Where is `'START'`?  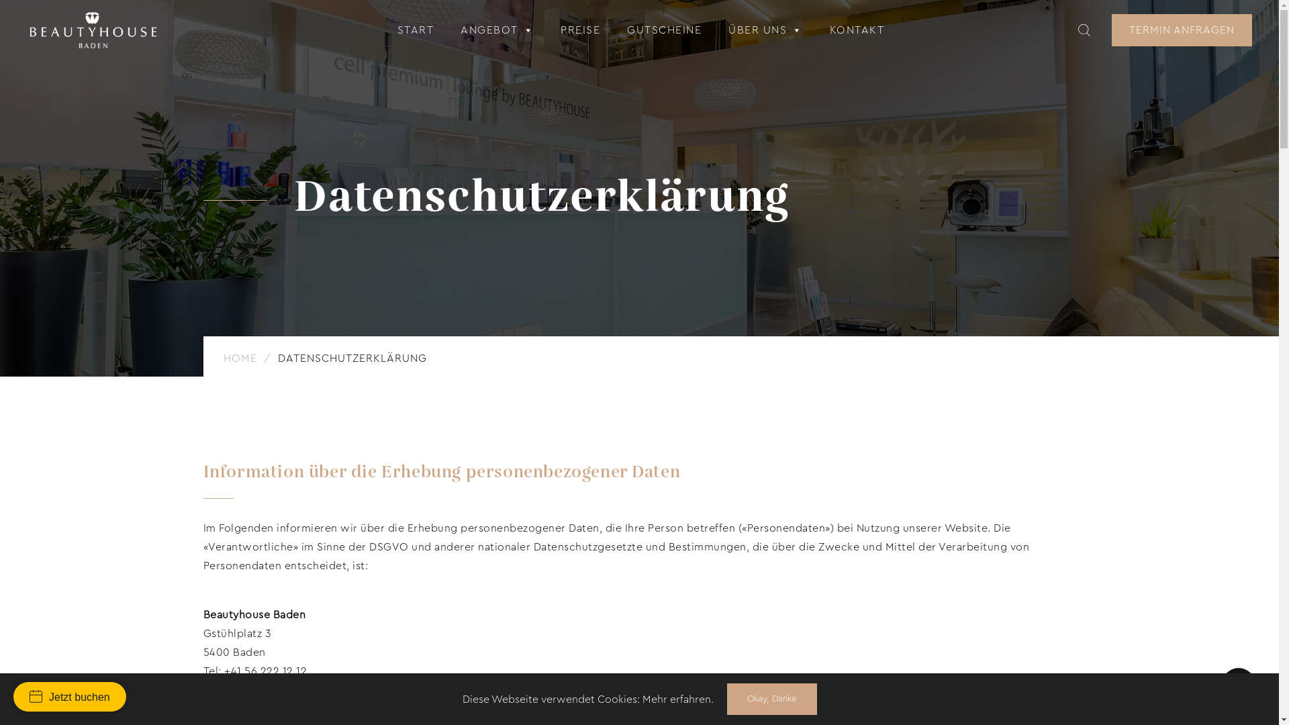
'START' is located at coordinates (415, 30).